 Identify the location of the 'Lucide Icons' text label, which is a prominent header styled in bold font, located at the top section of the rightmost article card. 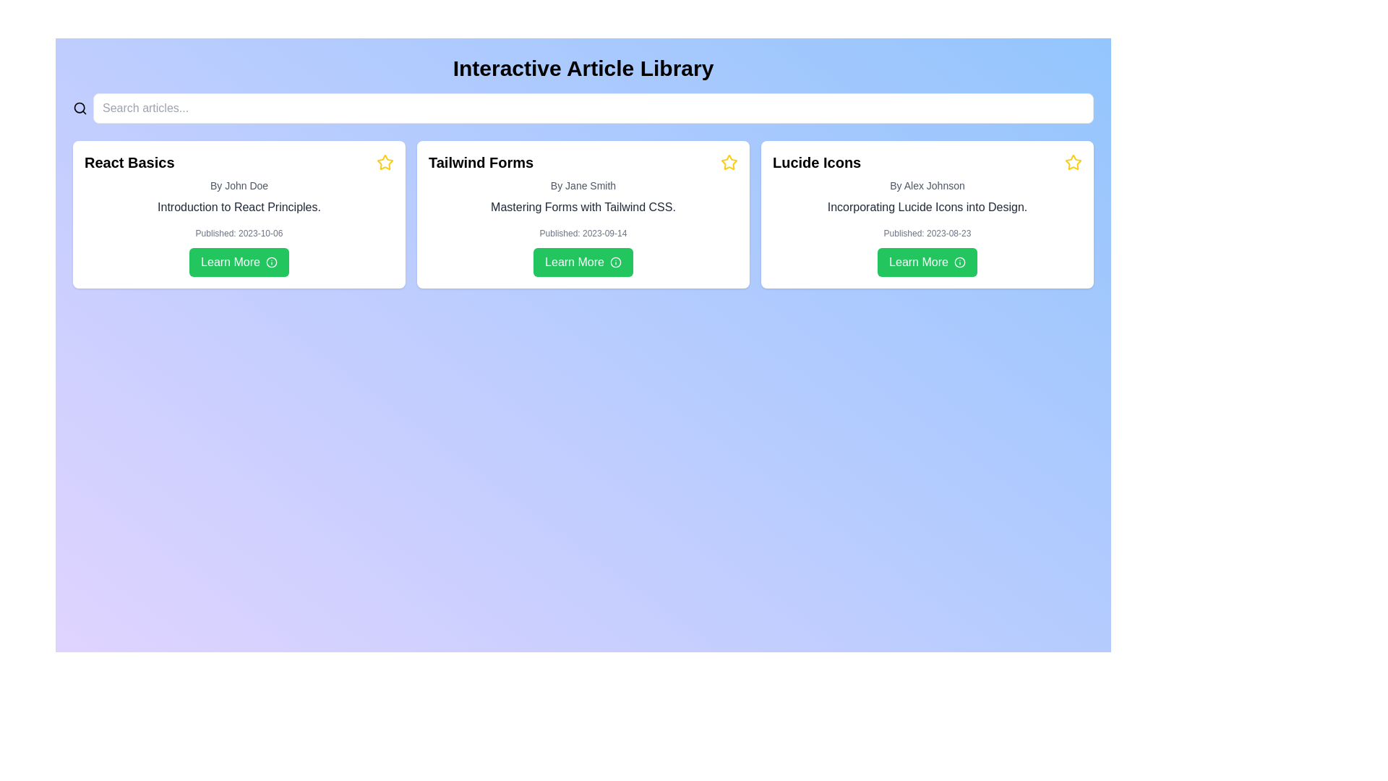
(817, 162).